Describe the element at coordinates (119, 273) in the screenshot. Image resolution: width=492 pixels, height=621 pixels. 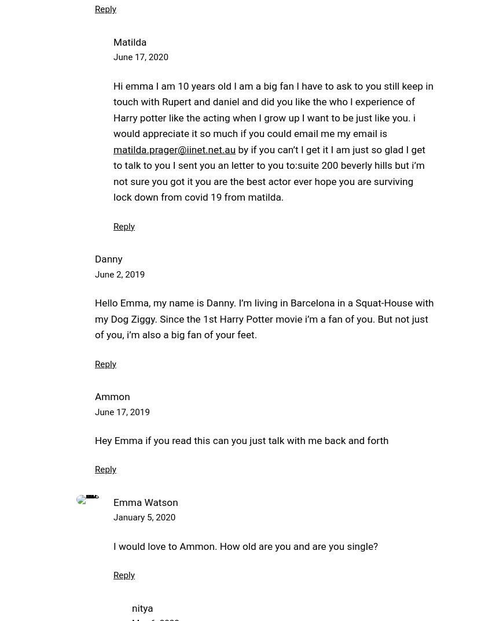
I see `'June 2, 2019'` at that location.